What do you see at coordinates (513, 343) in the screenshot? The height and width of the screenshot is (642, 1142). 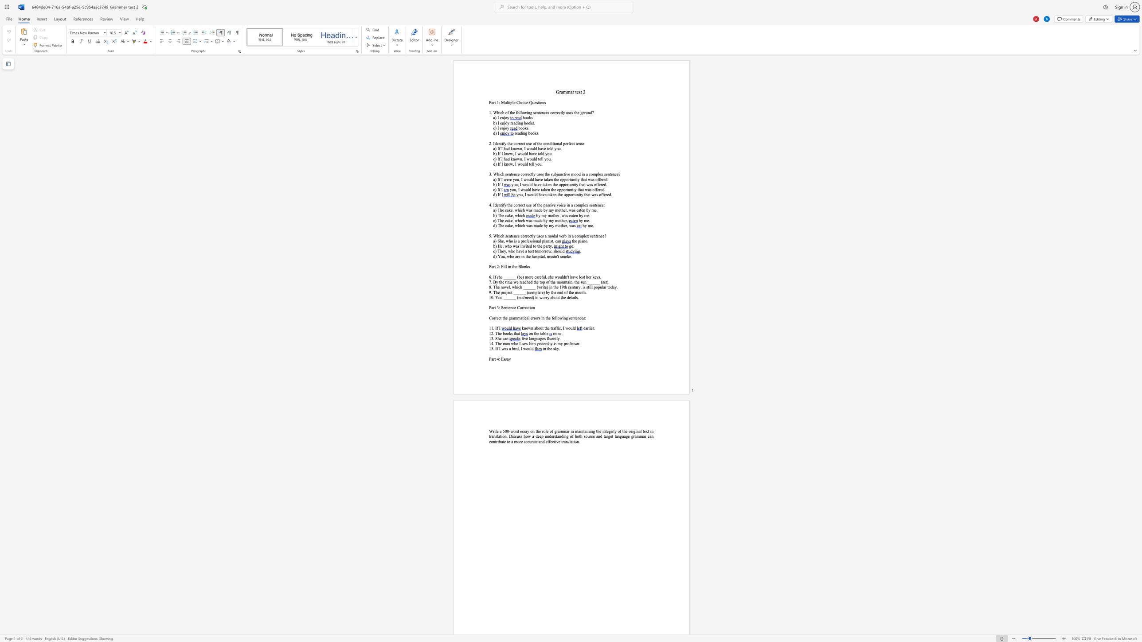 I see `the space between the continuous character "w" and "h" in the text` at bounding box center [513, 343].